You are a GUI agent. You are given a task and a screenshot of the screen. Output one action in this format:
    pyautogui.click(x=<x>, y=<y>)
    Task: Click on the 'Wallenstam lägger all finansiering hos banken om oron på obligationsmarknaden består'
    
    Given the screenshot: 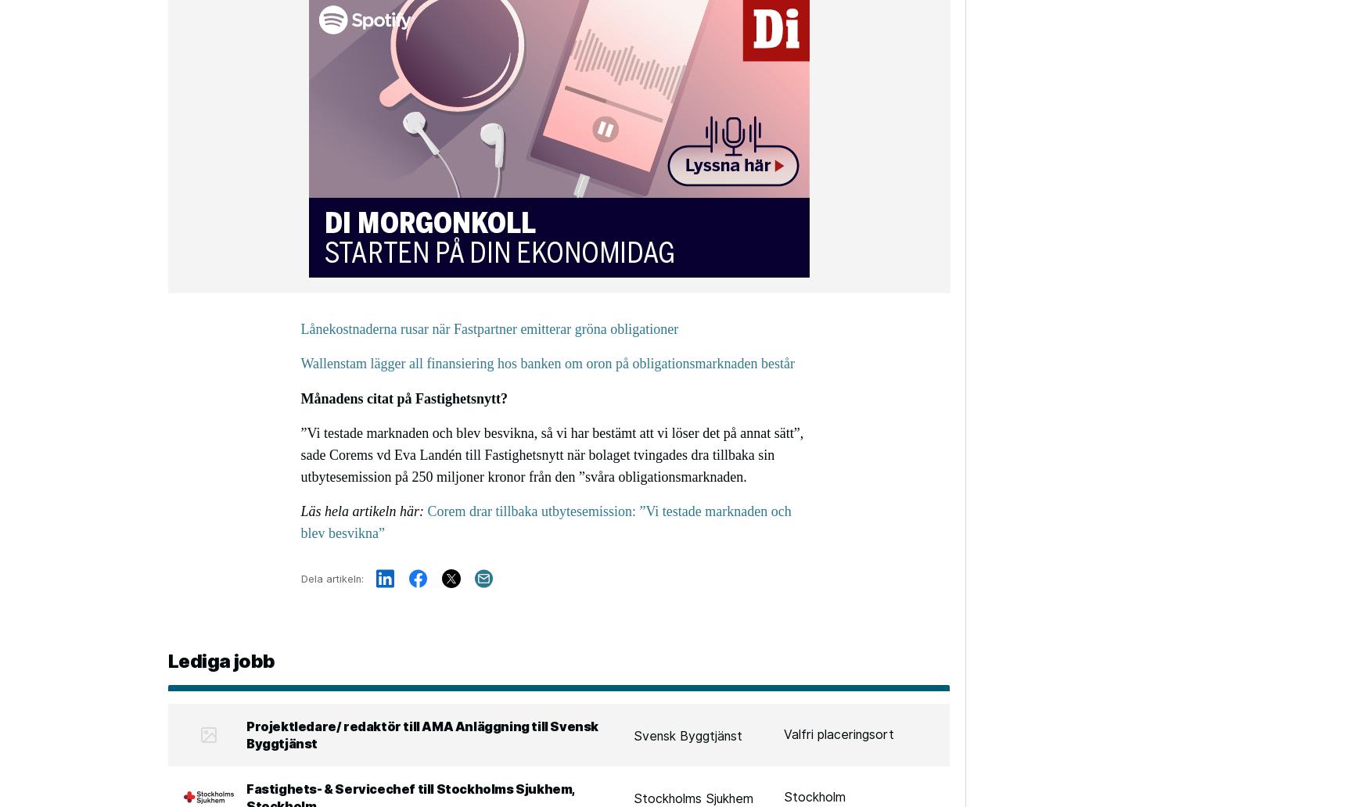 What is the action you would take?
    pyautogui.click(x=547, y=363)
    